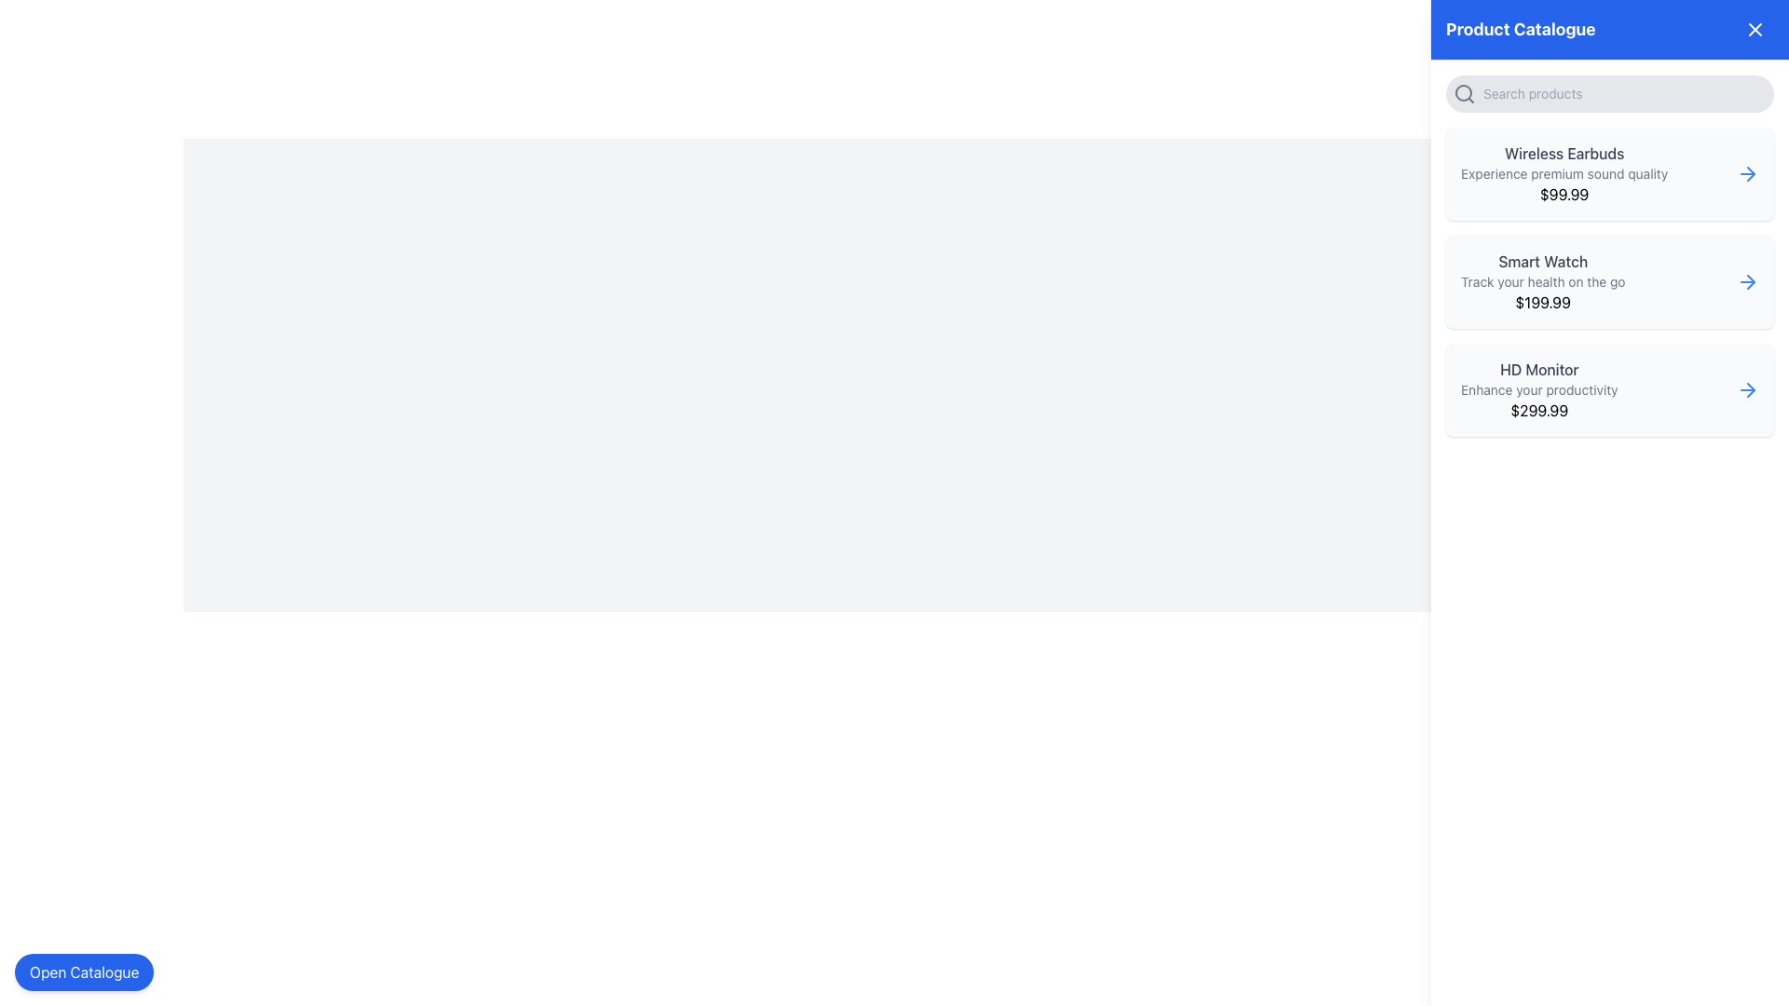 The width and height of the screenshot is (1789, 1006). Describe the element at coordinates (1747, 173) in the screenshot. I see `the blue right-pointing arrow icon located on the far-right side of the 'Wireless Earbuds' entry in the 'Product Catalogue' panel` at that location.